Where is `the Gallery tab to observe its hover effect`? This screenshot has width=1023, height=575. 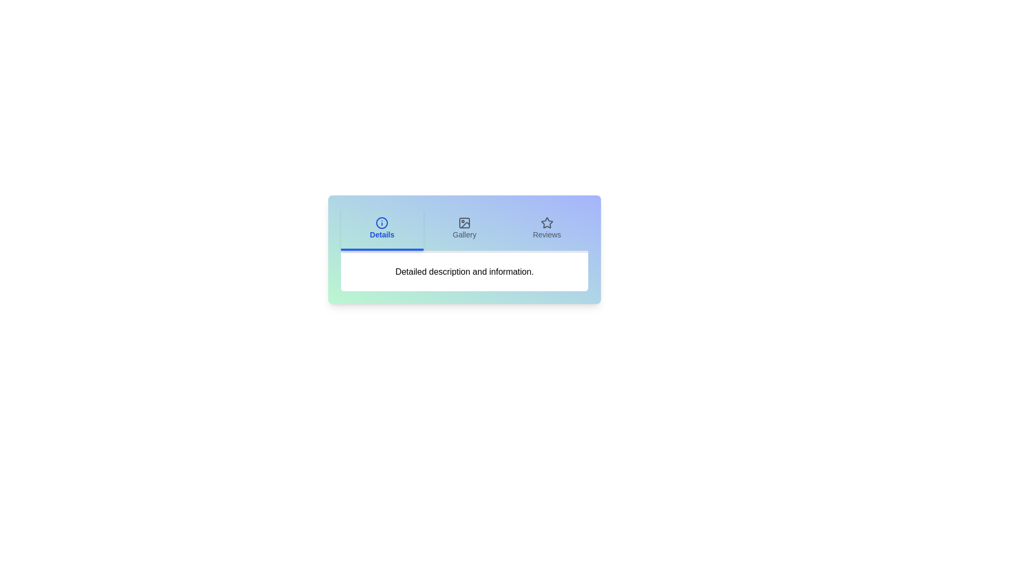 the Gallery tab to observe its hover effect is located at coordinates (465, 229).